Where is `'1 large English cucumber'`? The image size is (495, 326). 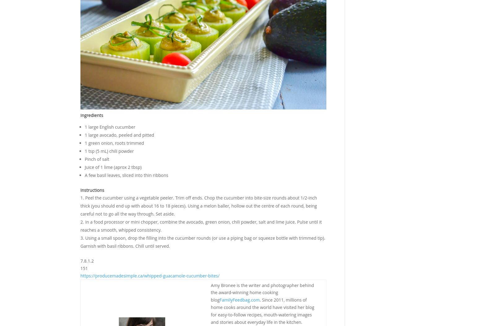
'1 large English cucumber' is located at coordinates (110, 127).